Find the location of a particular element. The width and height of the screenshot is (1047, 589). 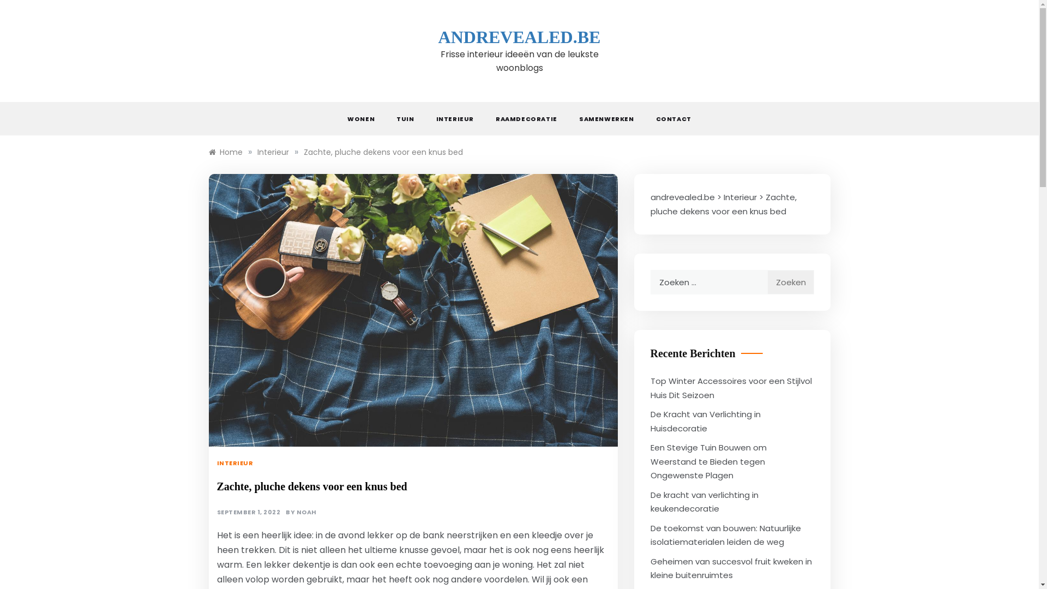

'De kracht van verlichting in keukendecoratie' is located at coordinates (704, 501).